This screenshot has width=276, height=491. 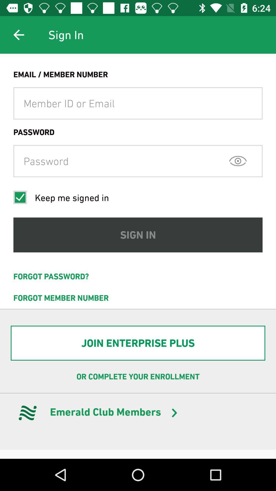 I want to click on item above the or complete your, so click(x=138, y=343).